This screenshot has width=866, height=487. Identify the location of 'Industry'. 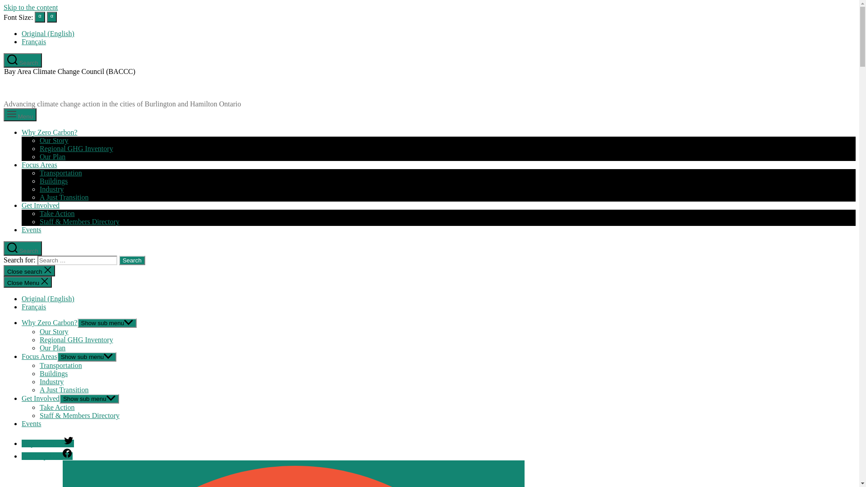
(39, 381).